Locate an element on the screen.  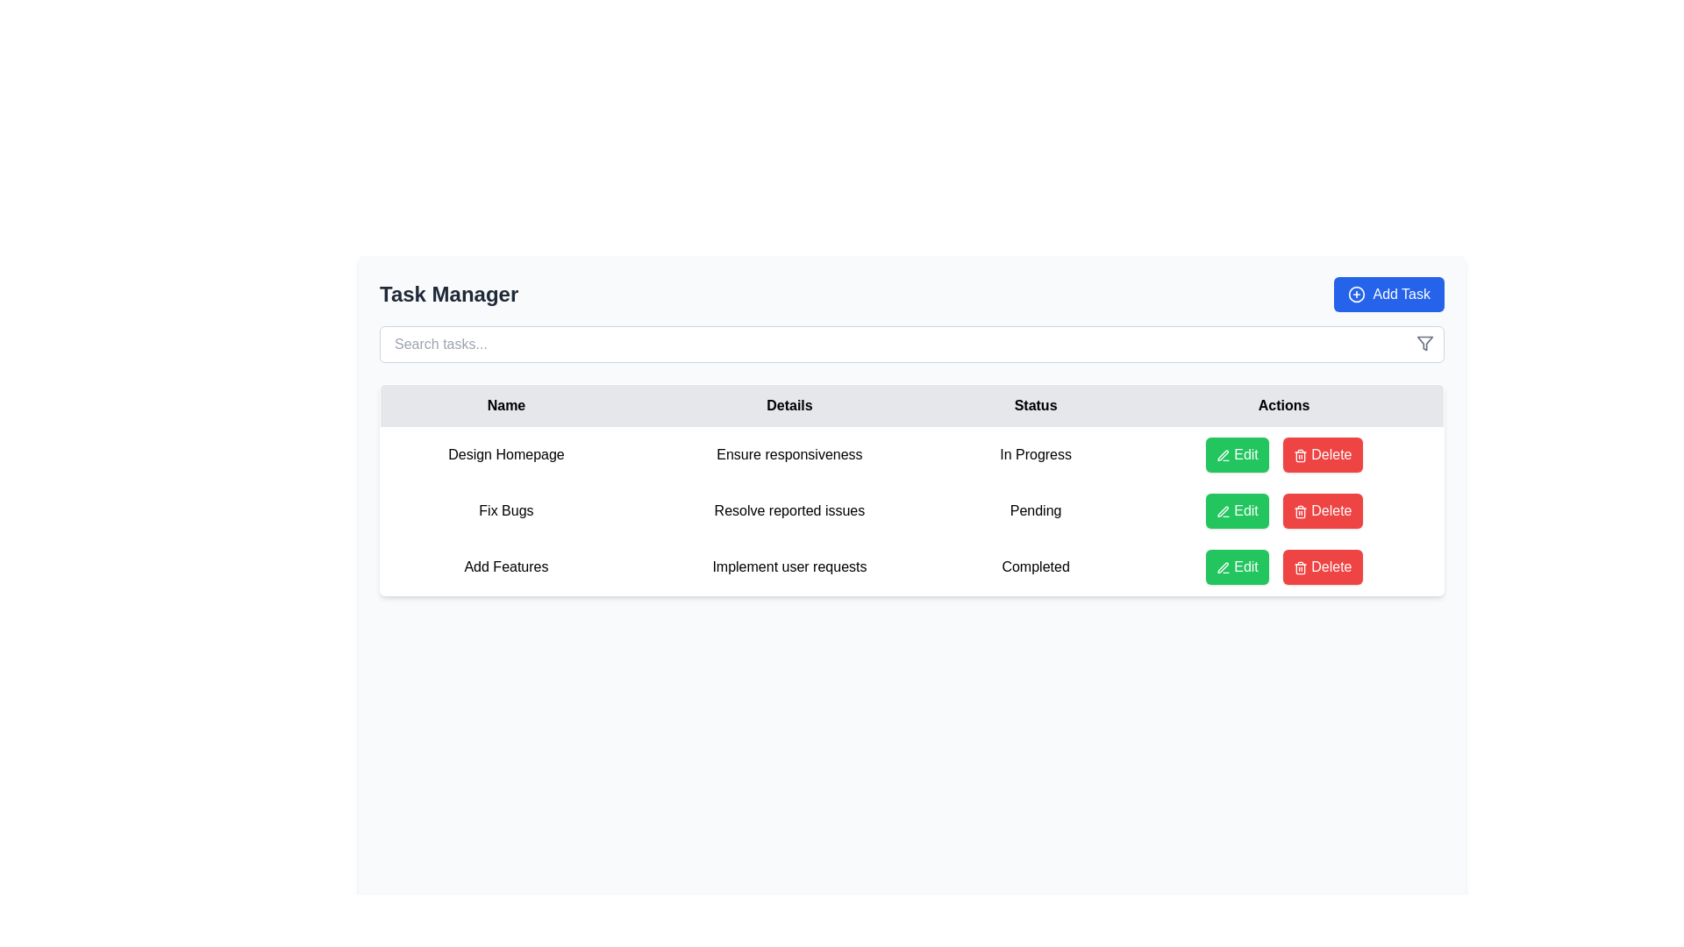
the red 'Delete' button with a trash can icon in the Button Group located in the 'Actions' column of the second row associated with the 'Pending' task is located at coordinates (1284, 510).